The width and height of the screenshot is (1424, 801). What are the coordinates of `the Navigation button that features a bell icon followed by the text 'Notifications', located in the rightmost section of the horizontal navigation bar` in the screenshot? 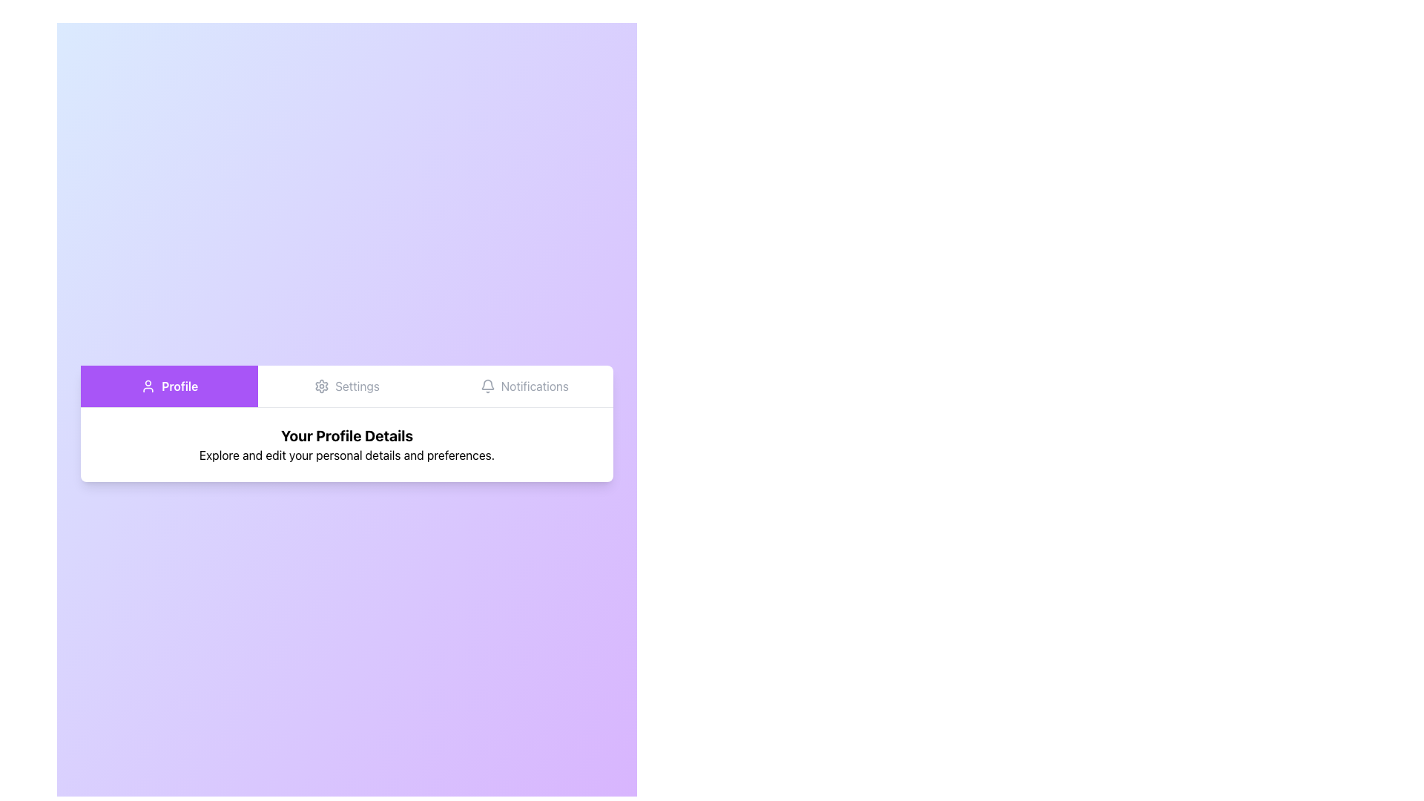 It's located at (524, 385).